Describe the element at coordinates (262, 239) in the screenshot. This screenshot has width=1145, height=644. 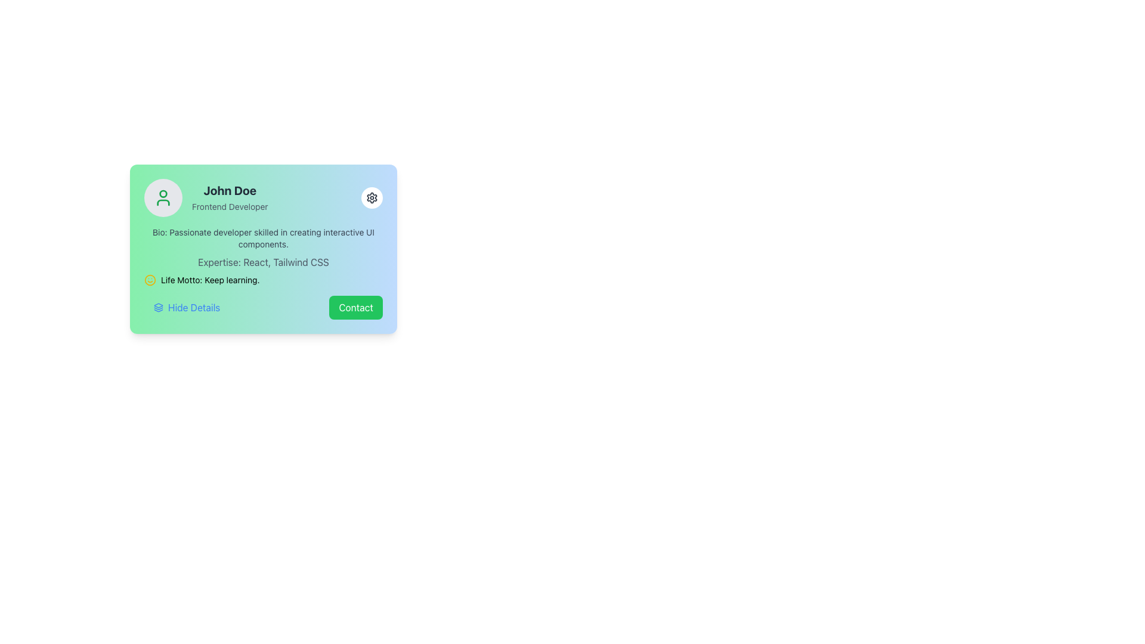
I see `the Text Label element containing the text 'Bio: Passionate developer skilled in creating interactive UI components.' located beneath the profile name 'John Doe - Frontend Developer.'` at that location.